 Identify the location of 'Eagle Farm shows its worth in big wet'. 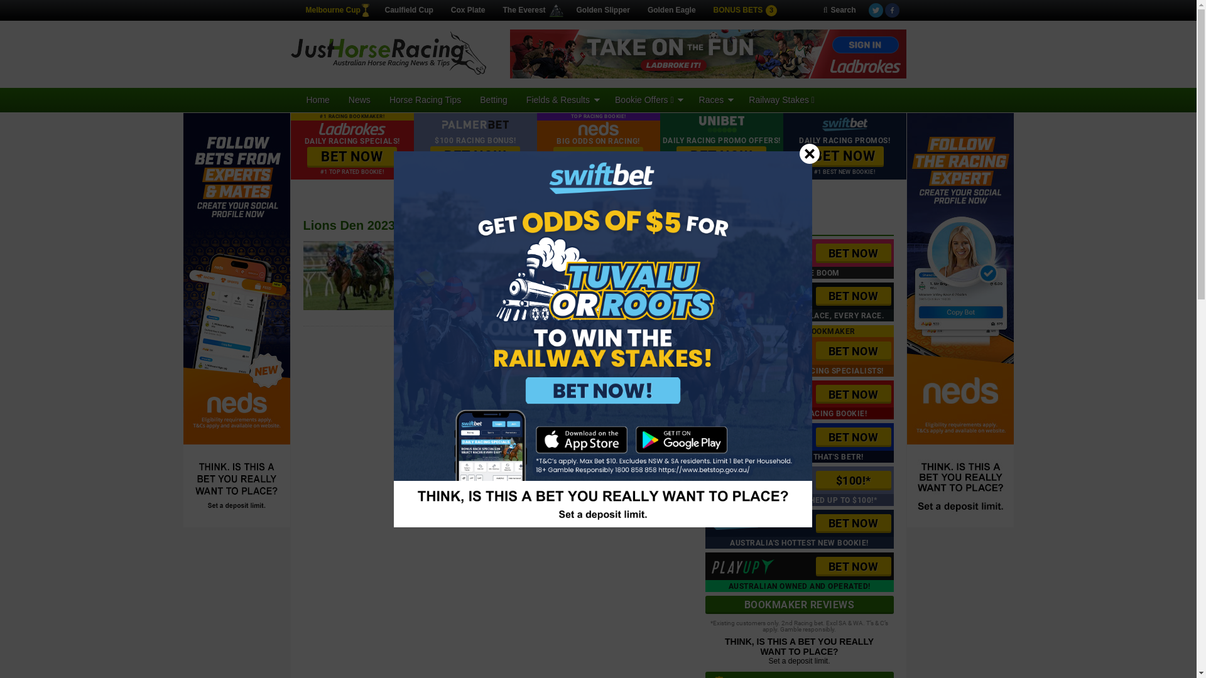
(357, 307).